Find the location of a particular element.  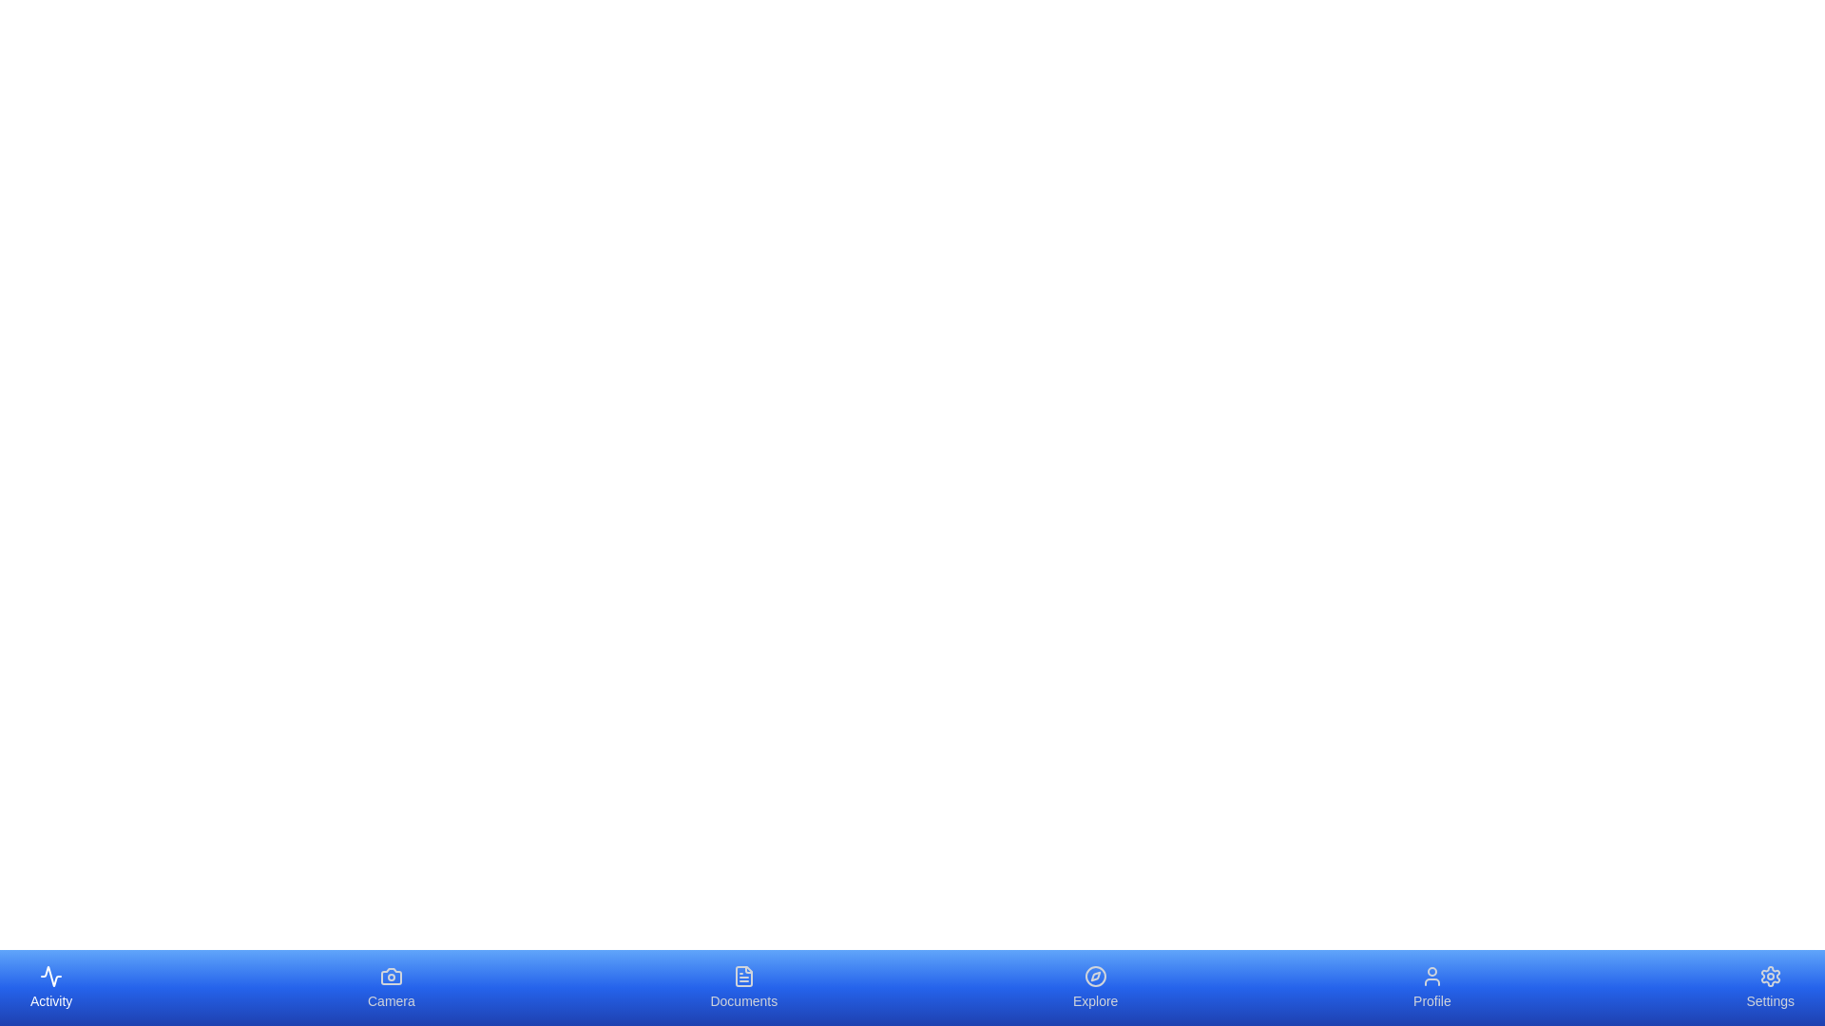

the Activity element to display its tooltip is located at coordinates (51, 987).